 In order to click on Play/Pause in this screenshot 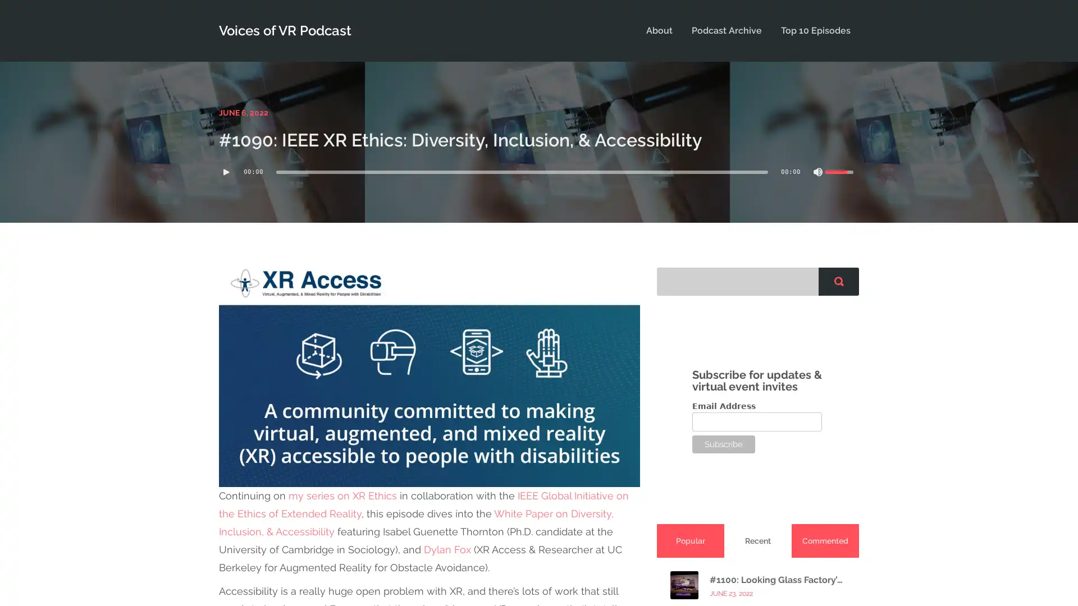, I will do `click(226, 171)`.